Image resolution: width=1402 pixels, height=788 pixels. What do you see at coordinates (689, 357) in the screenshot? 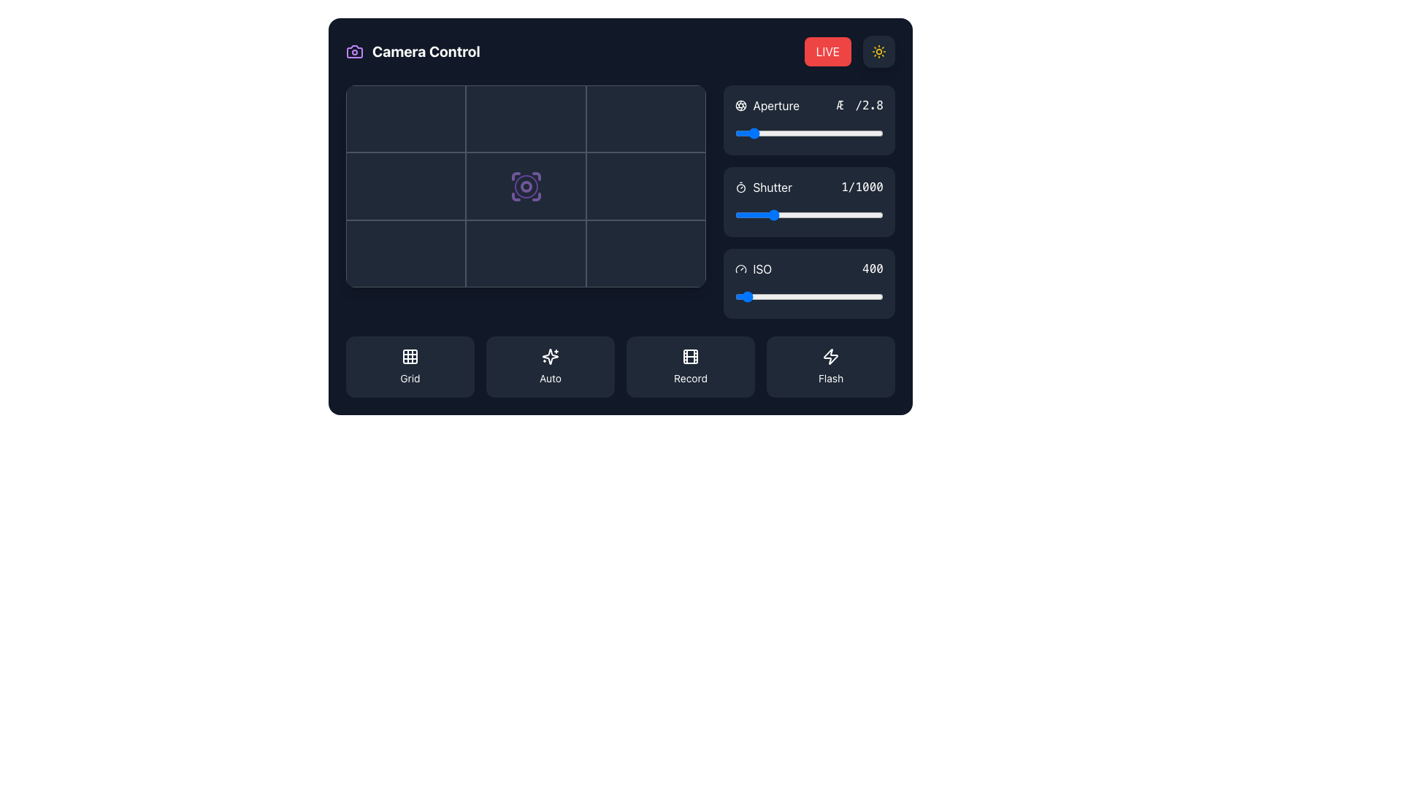
I see `the film roll-shaped icon located on the 'Record' button at the bottom-center of the button grid` at bounding box center [689, 357].